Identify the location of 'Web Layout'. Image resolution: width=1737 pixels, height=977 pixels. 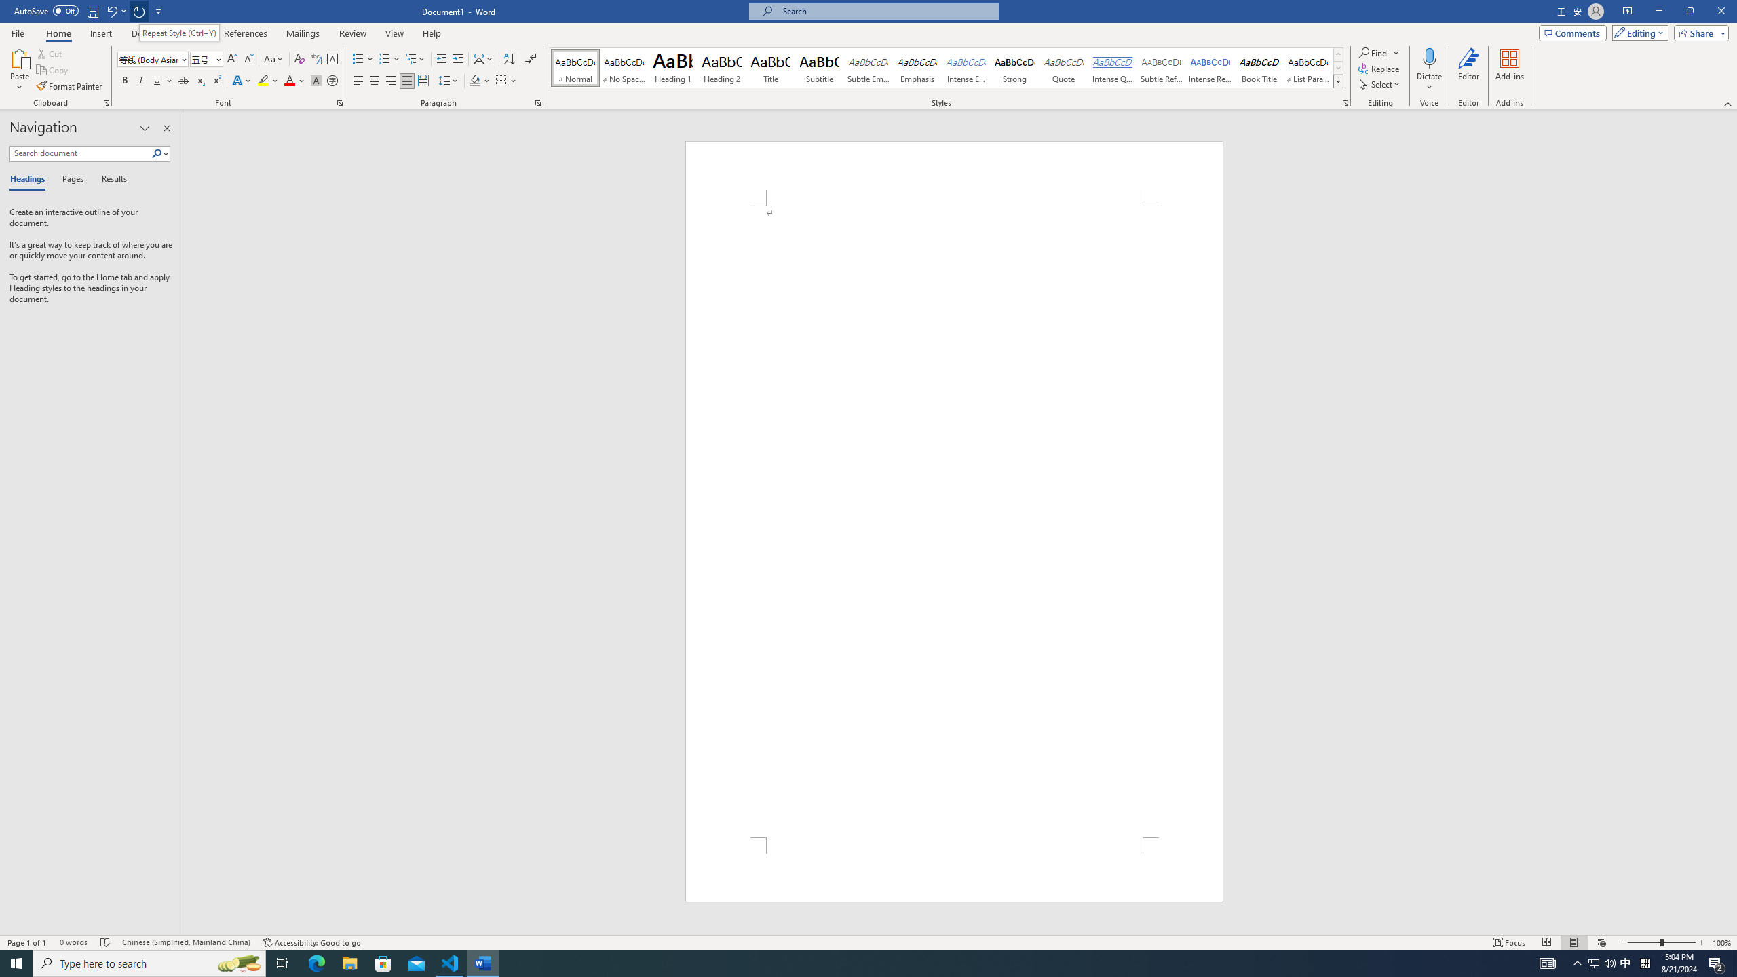
(1601, 942).